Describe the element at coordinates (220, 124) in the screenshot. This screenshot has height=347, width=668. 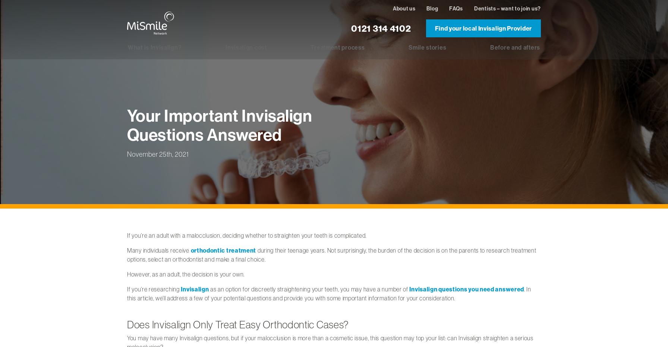
I see `'Your Important Invisalign Questions Answered'` at that location.